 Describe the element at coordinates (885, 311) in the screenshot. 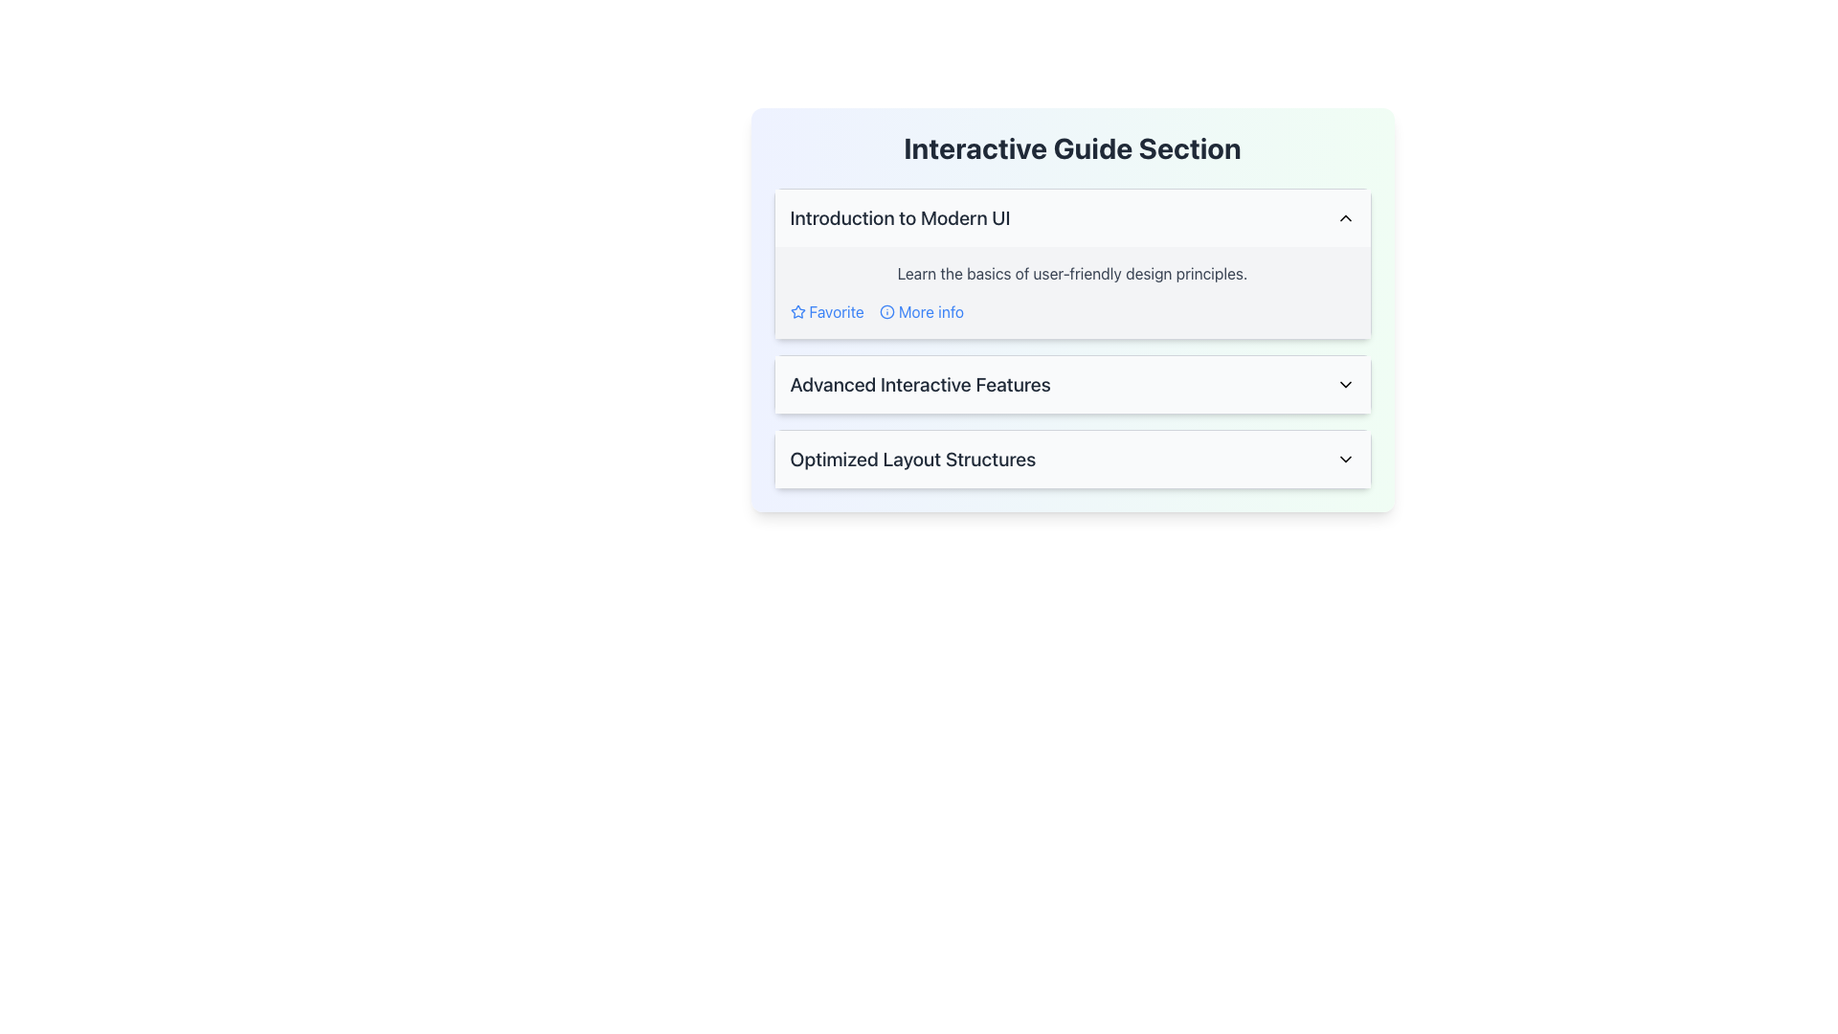

I see `the circular SVG graphic element located near the 'More info' text, which is part of the first expandable section titled 'Introduction to Modern UI'` at that location.